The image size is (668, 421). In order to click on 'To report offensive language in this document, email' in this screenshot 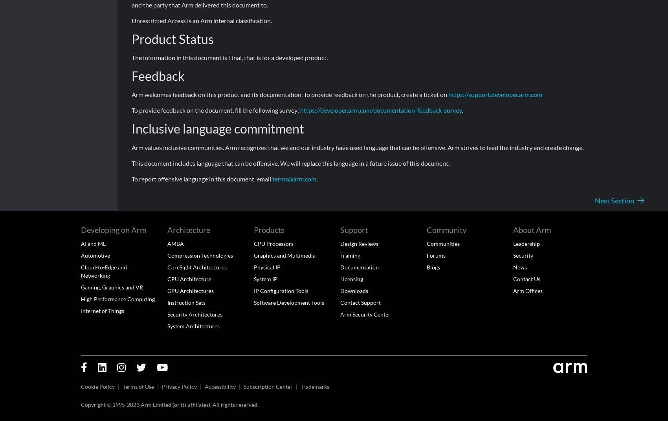, I will do `click(202, 178)`.